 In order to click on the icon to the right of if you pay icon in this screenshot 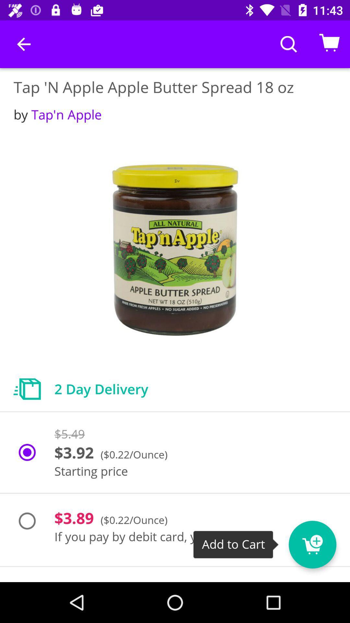, I will do `click(324, 540)`.